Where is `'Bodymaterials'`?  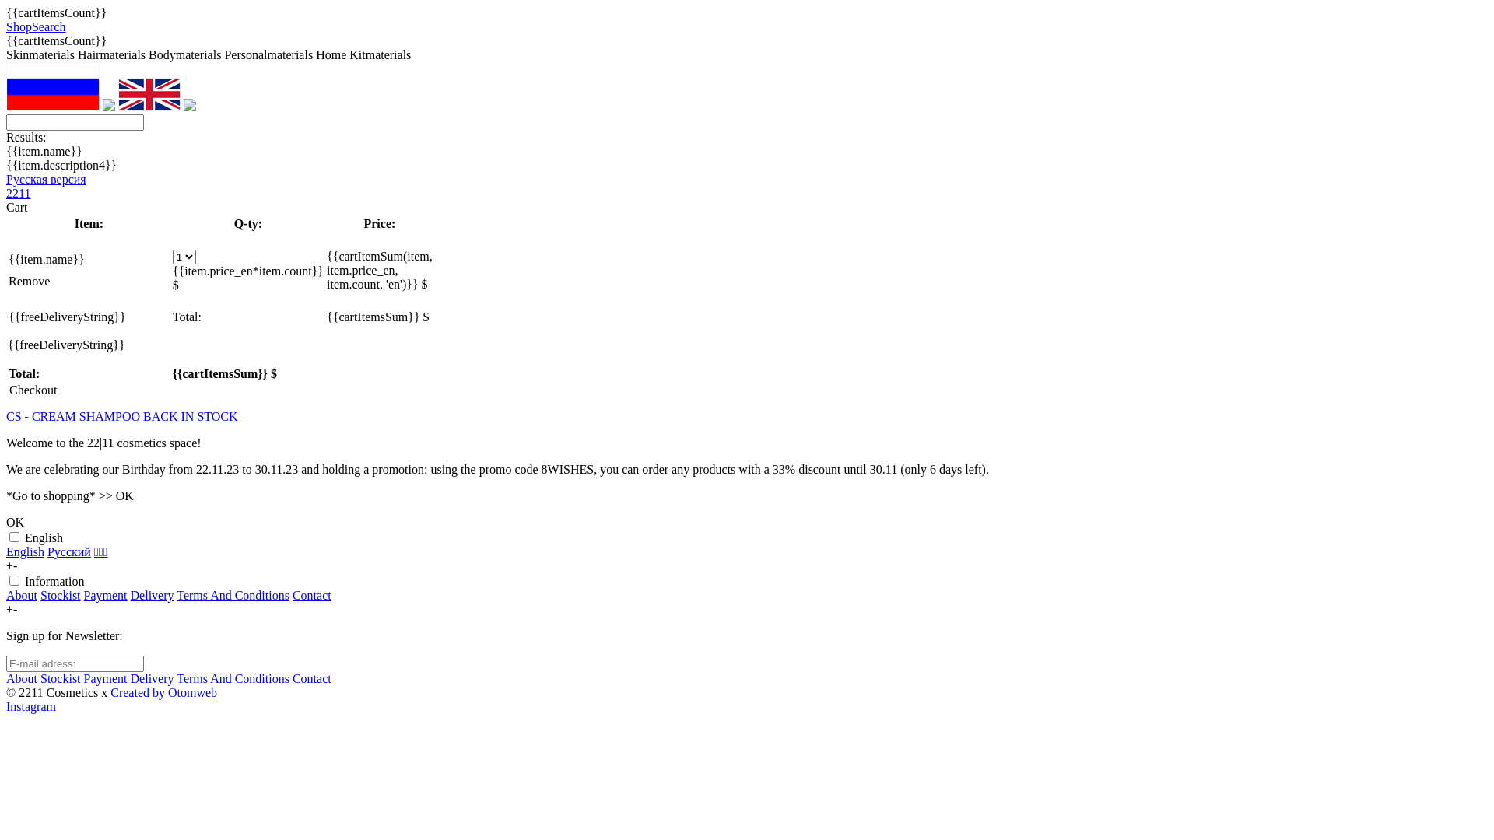 'Bodymaterials' is located at coordinates (184, 54).